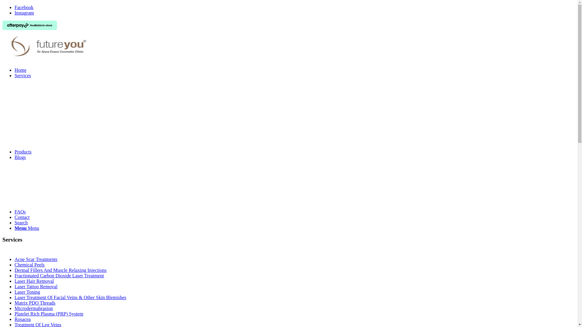  Describe the element at coordinates (22, 217) in the screenshot. I see `'Contact'` at that location.